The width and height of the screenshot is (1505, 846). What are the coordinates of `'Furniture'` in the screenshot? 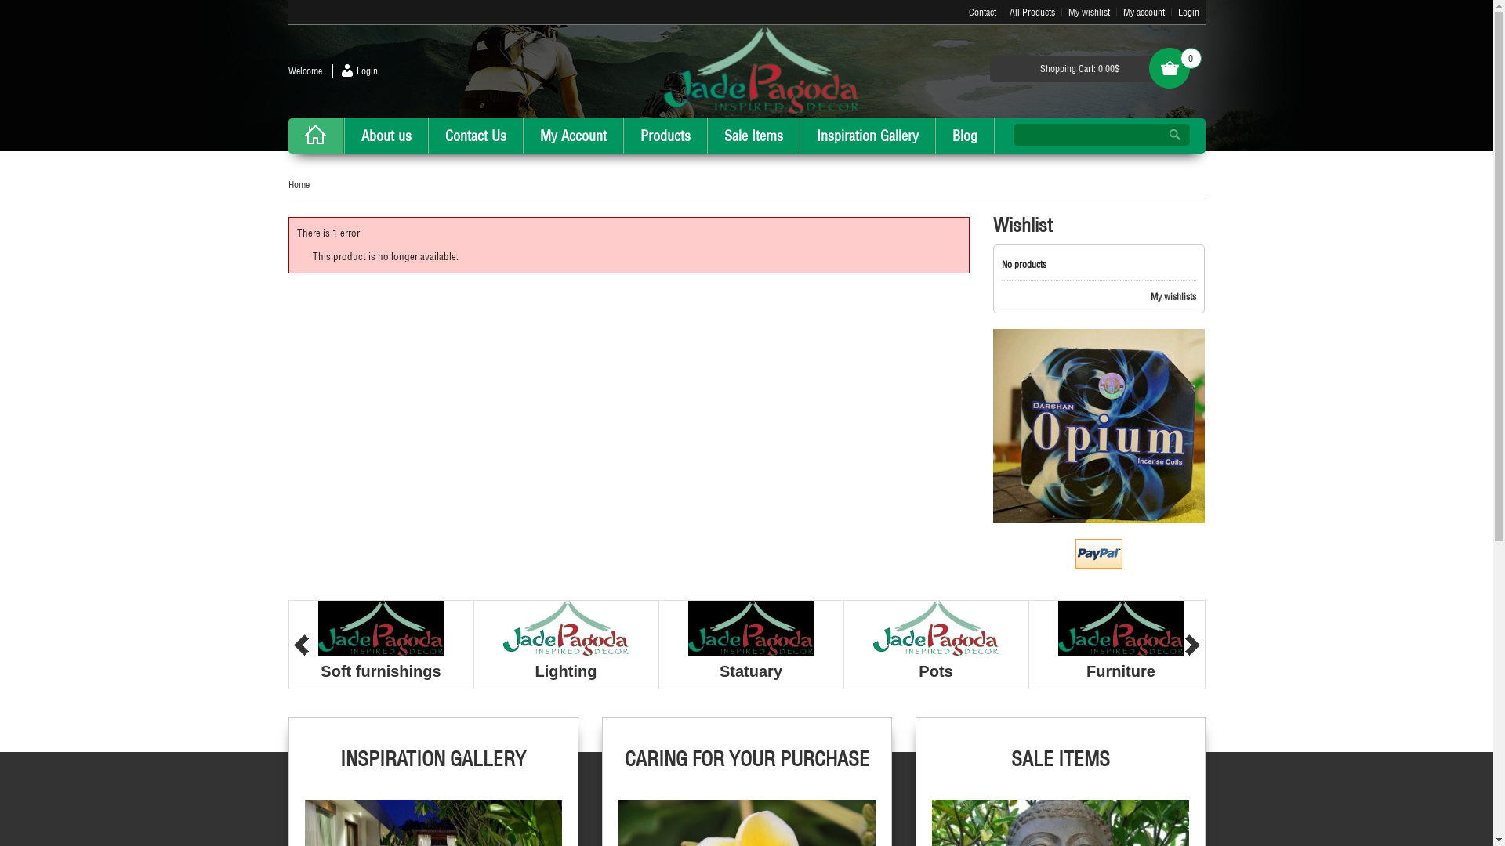 It's located at (1120, 670).